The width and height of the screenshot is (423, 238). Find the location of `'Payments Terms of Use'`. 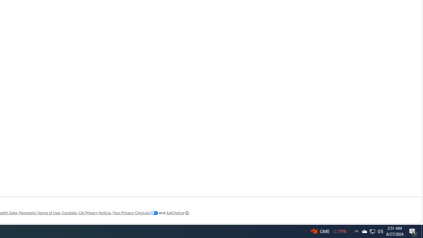

'Payments Terms of Use' is located at coordinates (39, 213).